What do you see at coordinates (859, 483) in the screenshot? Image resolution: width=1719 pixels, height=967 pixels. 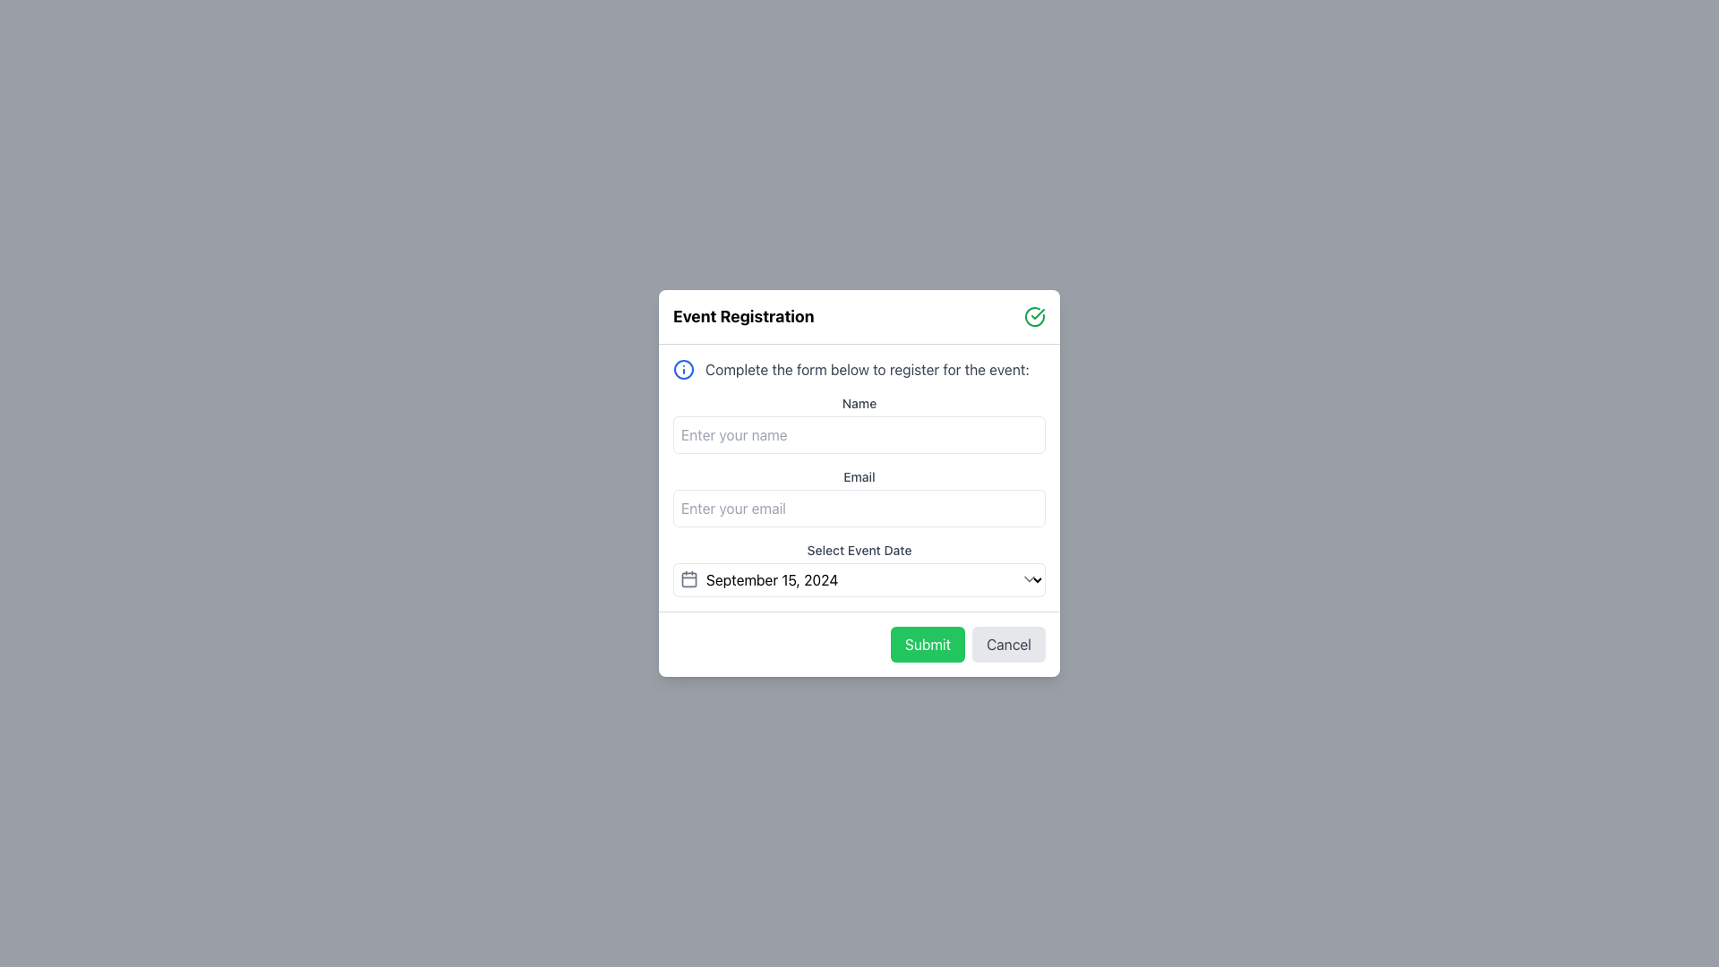 I see `inside the form fields of the 'Event Registration' modal dialog to input text` at bounding box center [859, 483].